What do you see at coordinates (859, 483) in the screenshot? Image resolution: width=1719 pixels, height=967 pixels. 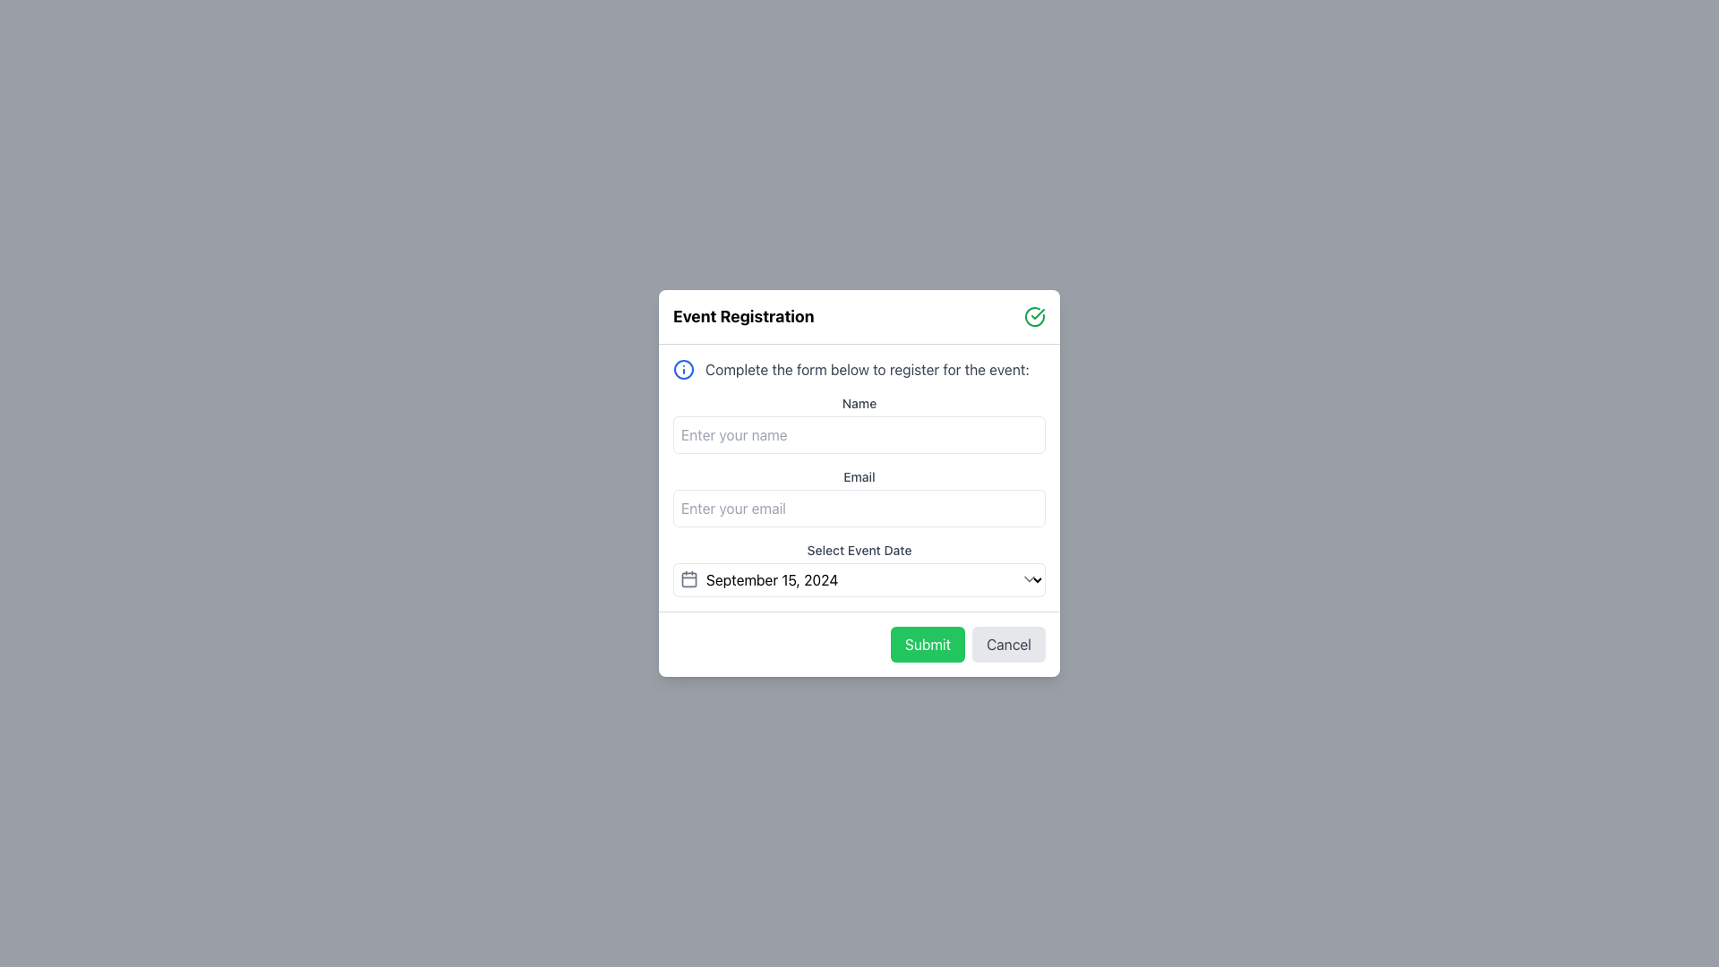 I see `inside the form fields of the 'Event Registration' modal dialog to input text` at bounding box center [859, 483].